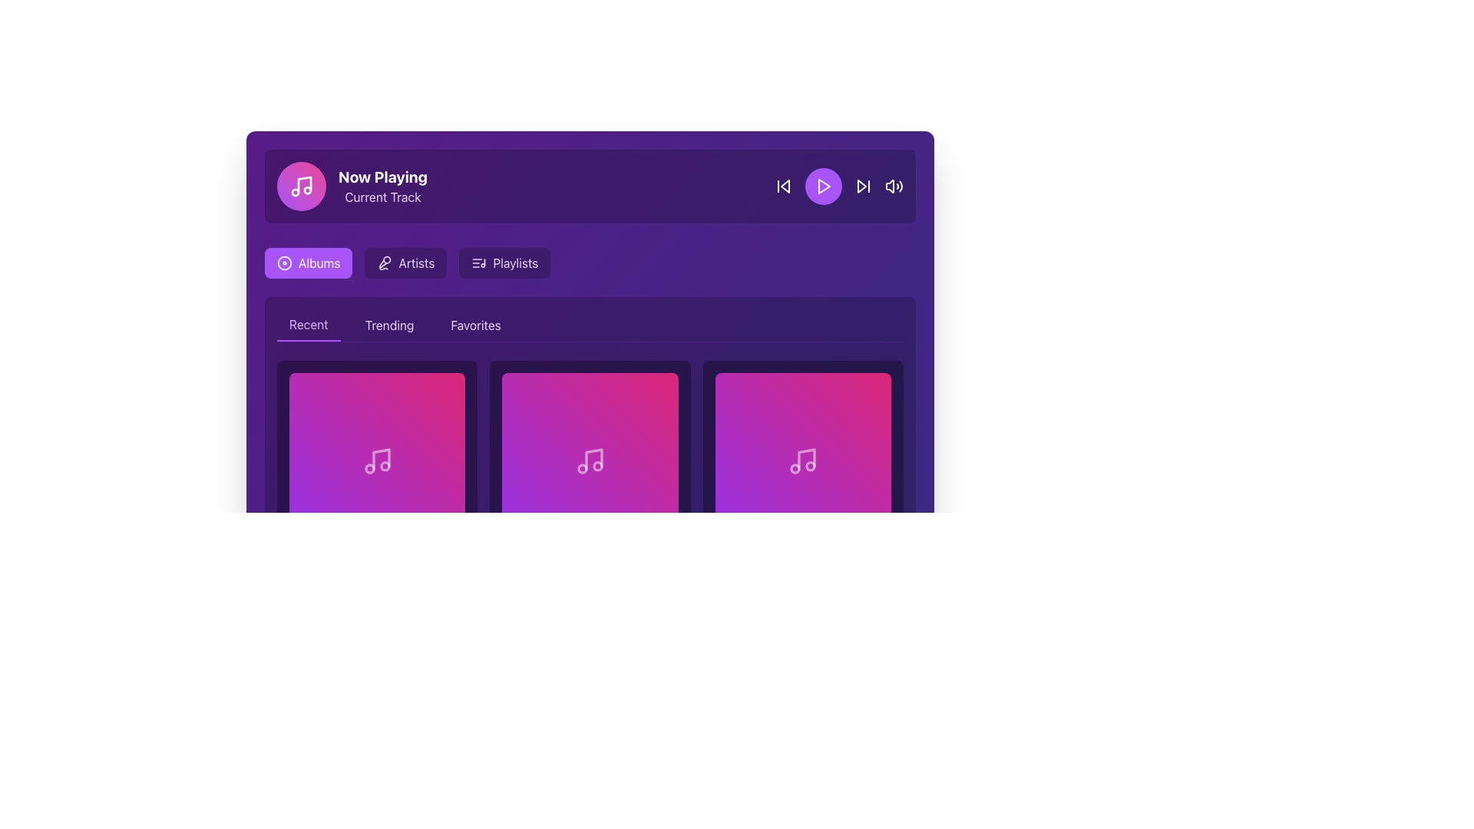  I want to click on the central triangular play icon within the circular purple button located on the top-right corner of the media player controls to play the media, so click(823, 186).